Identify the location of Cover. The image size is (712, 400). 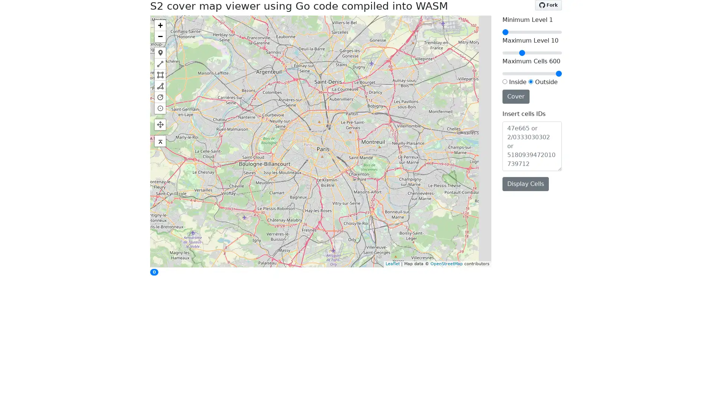
(515, 96).